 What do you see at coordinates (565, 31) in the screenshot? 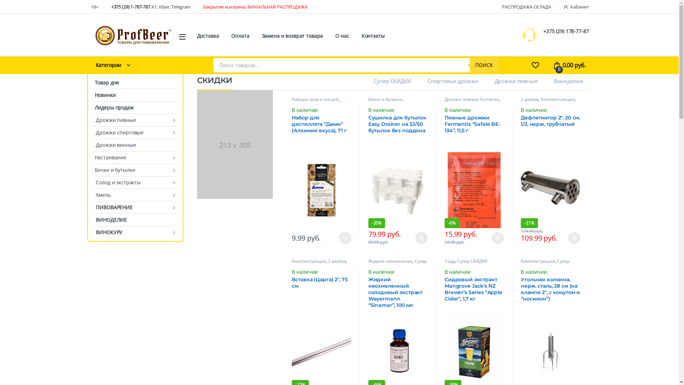
I see `'+375 (29) 178-77-87'` at bounding box center [565, 31].